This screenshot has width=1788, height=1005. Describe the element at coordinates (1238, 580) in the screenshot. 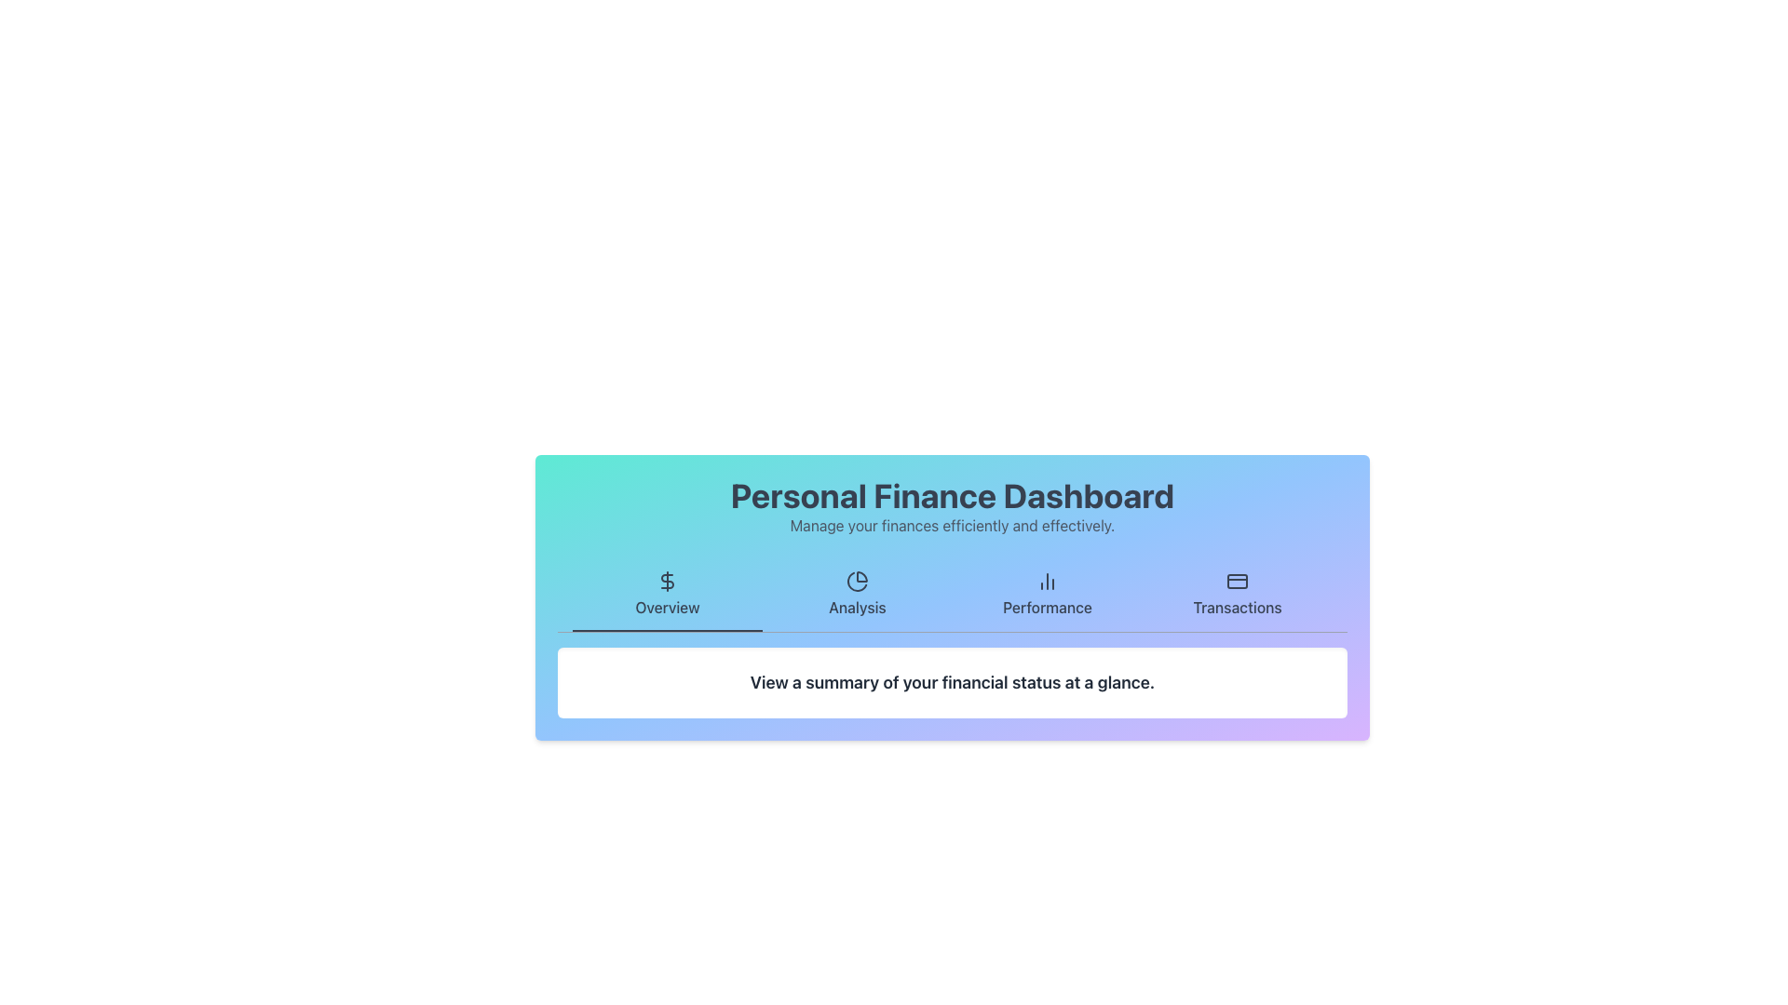

I see `the upper rectangle of the credit card icon in the 'Transactions' section of the navigation bar, which serves as a decorative element without interactive functionality` at that location.